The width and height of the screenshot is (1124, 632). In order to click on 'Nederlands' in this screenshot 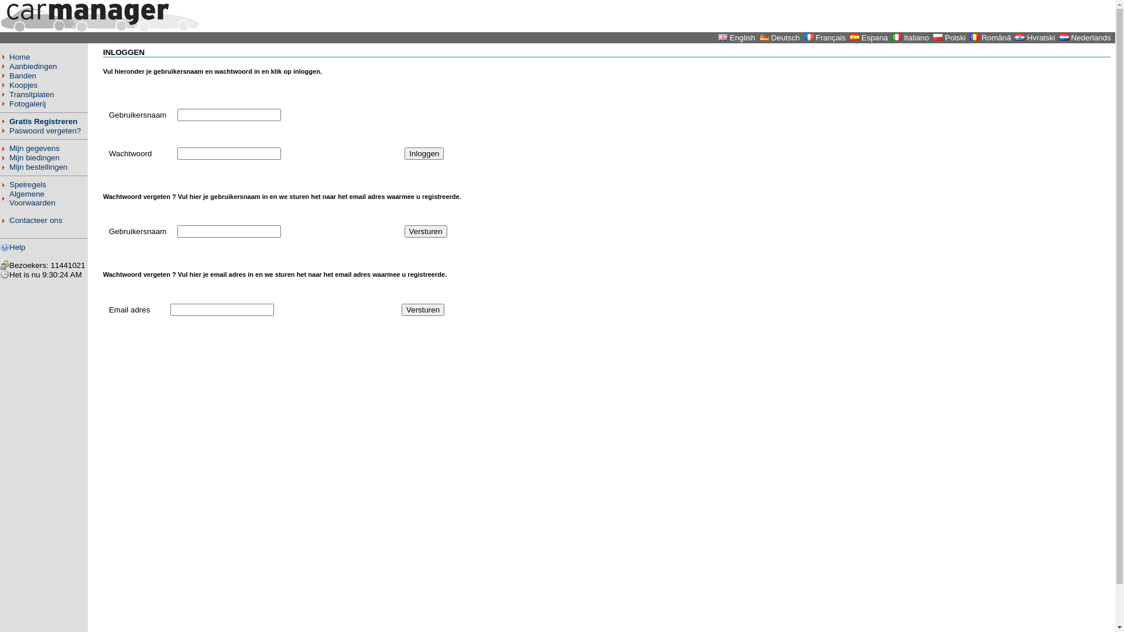, I will do `click(1070, 37)`.